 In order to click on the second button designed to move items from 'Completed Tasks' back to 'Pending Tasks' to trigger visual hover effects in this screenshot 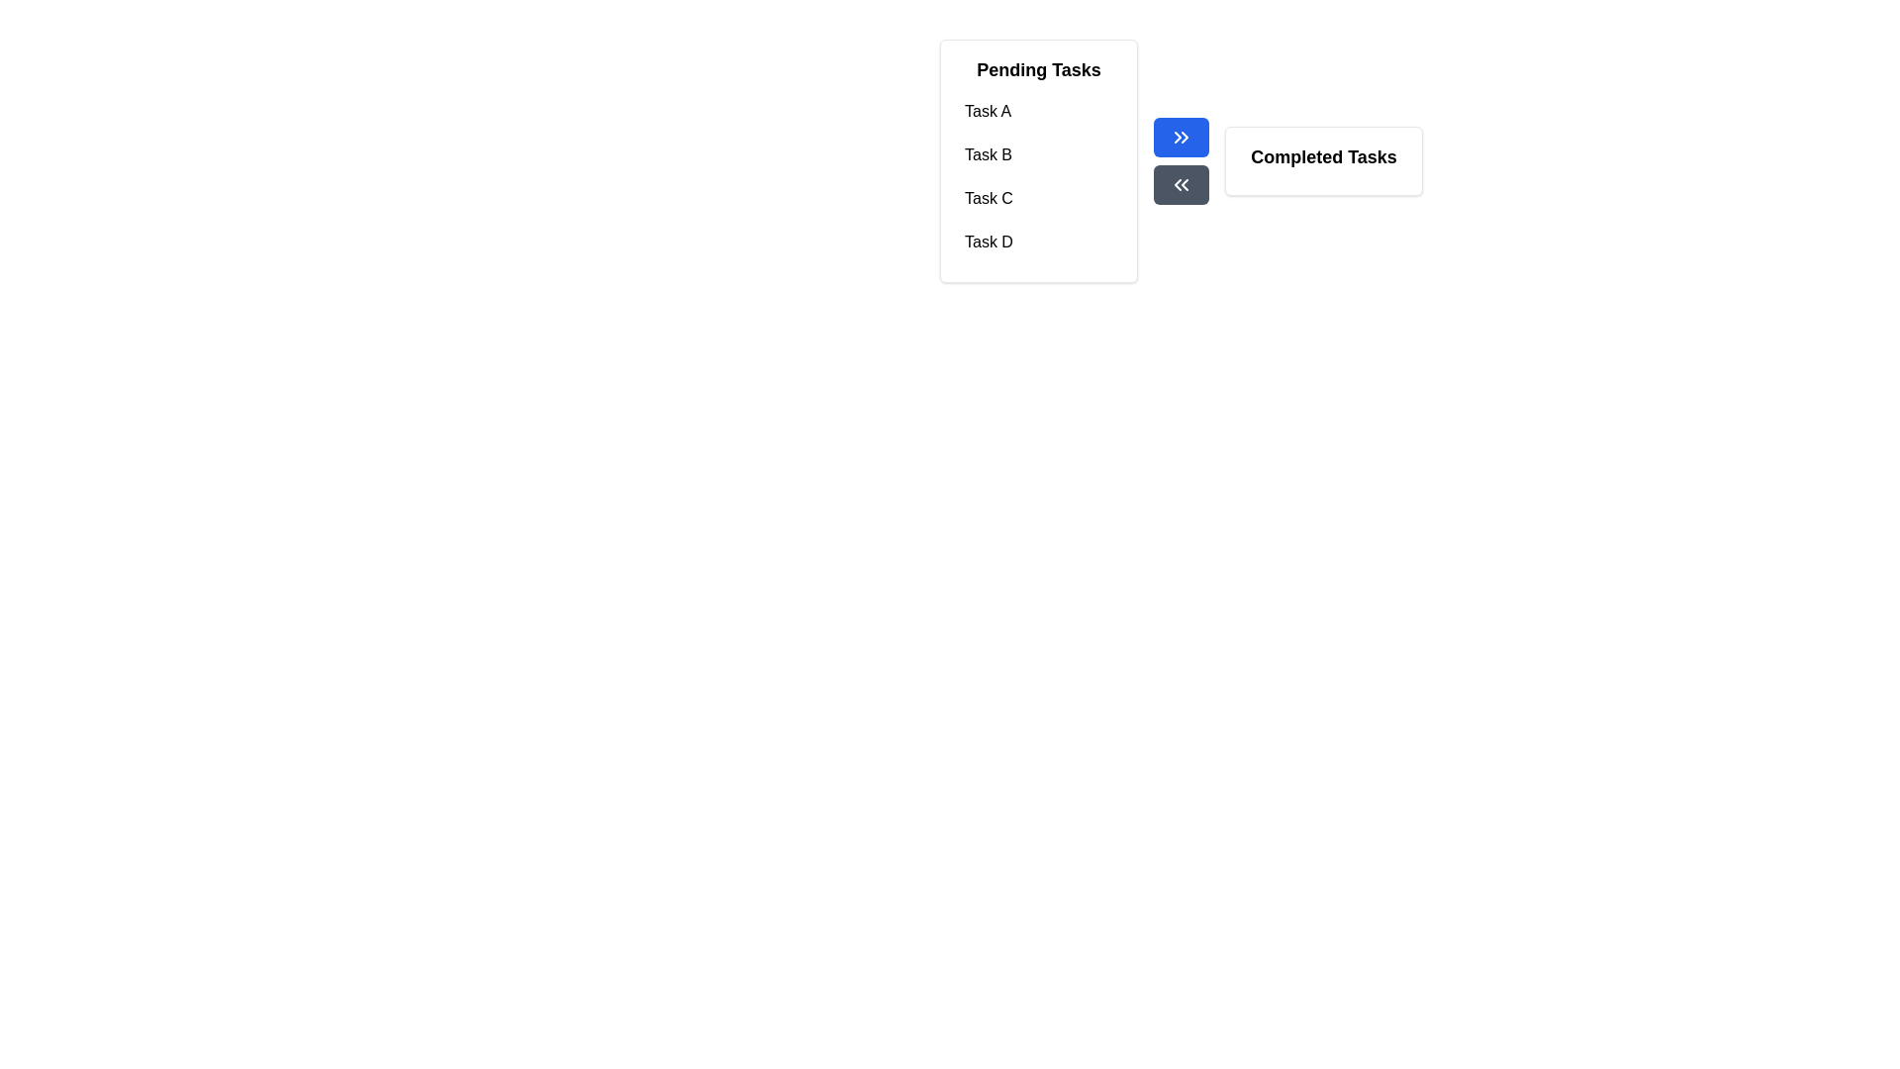, I will do `click(1182, 184)`.